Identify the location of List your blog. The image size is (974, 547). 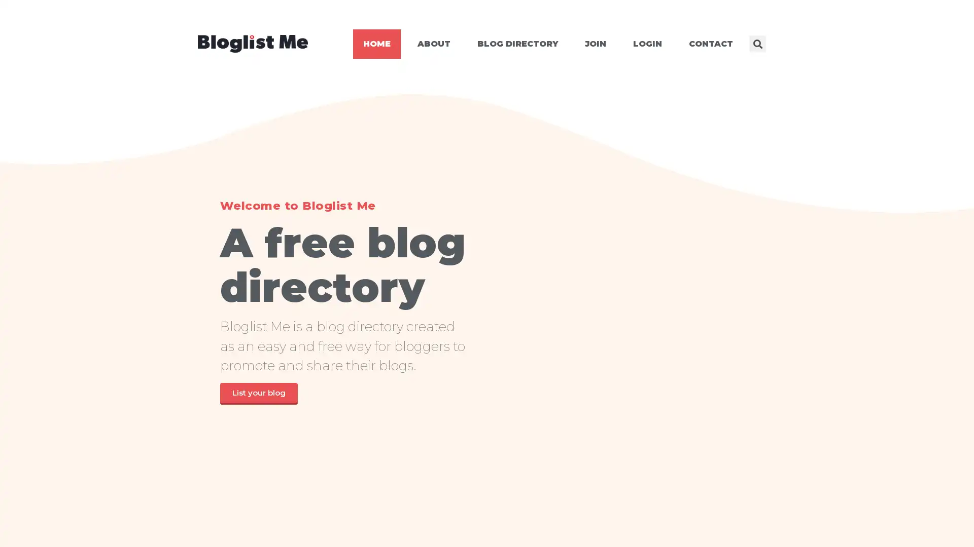
(258, 393).